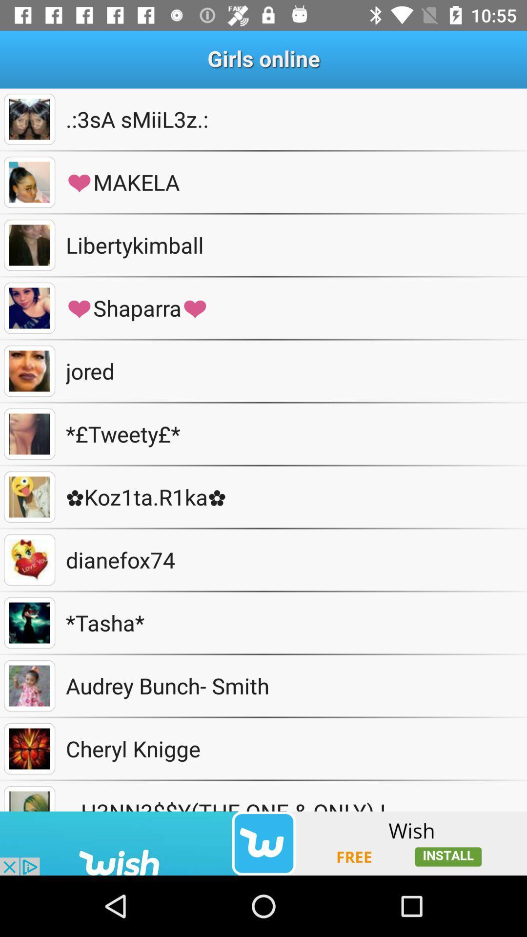  I want to click on in app advertisement space, so click(263, 843).